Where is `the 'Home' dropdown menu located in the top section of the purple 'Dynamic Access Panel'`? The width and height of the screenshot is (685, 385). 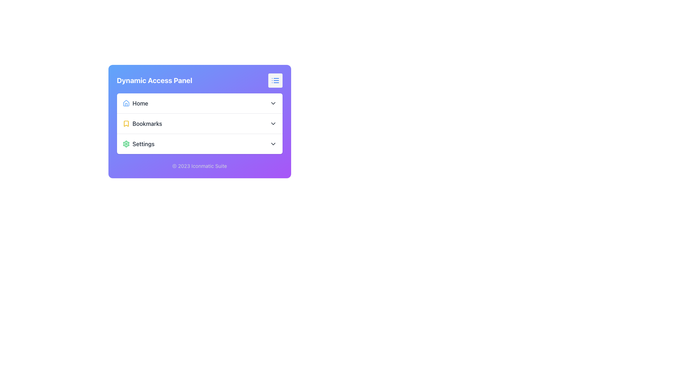
the 'Home' dropdown menu located in the top section of the purple 'Dynamic Access Panel' is located at coordinates (199, 103).